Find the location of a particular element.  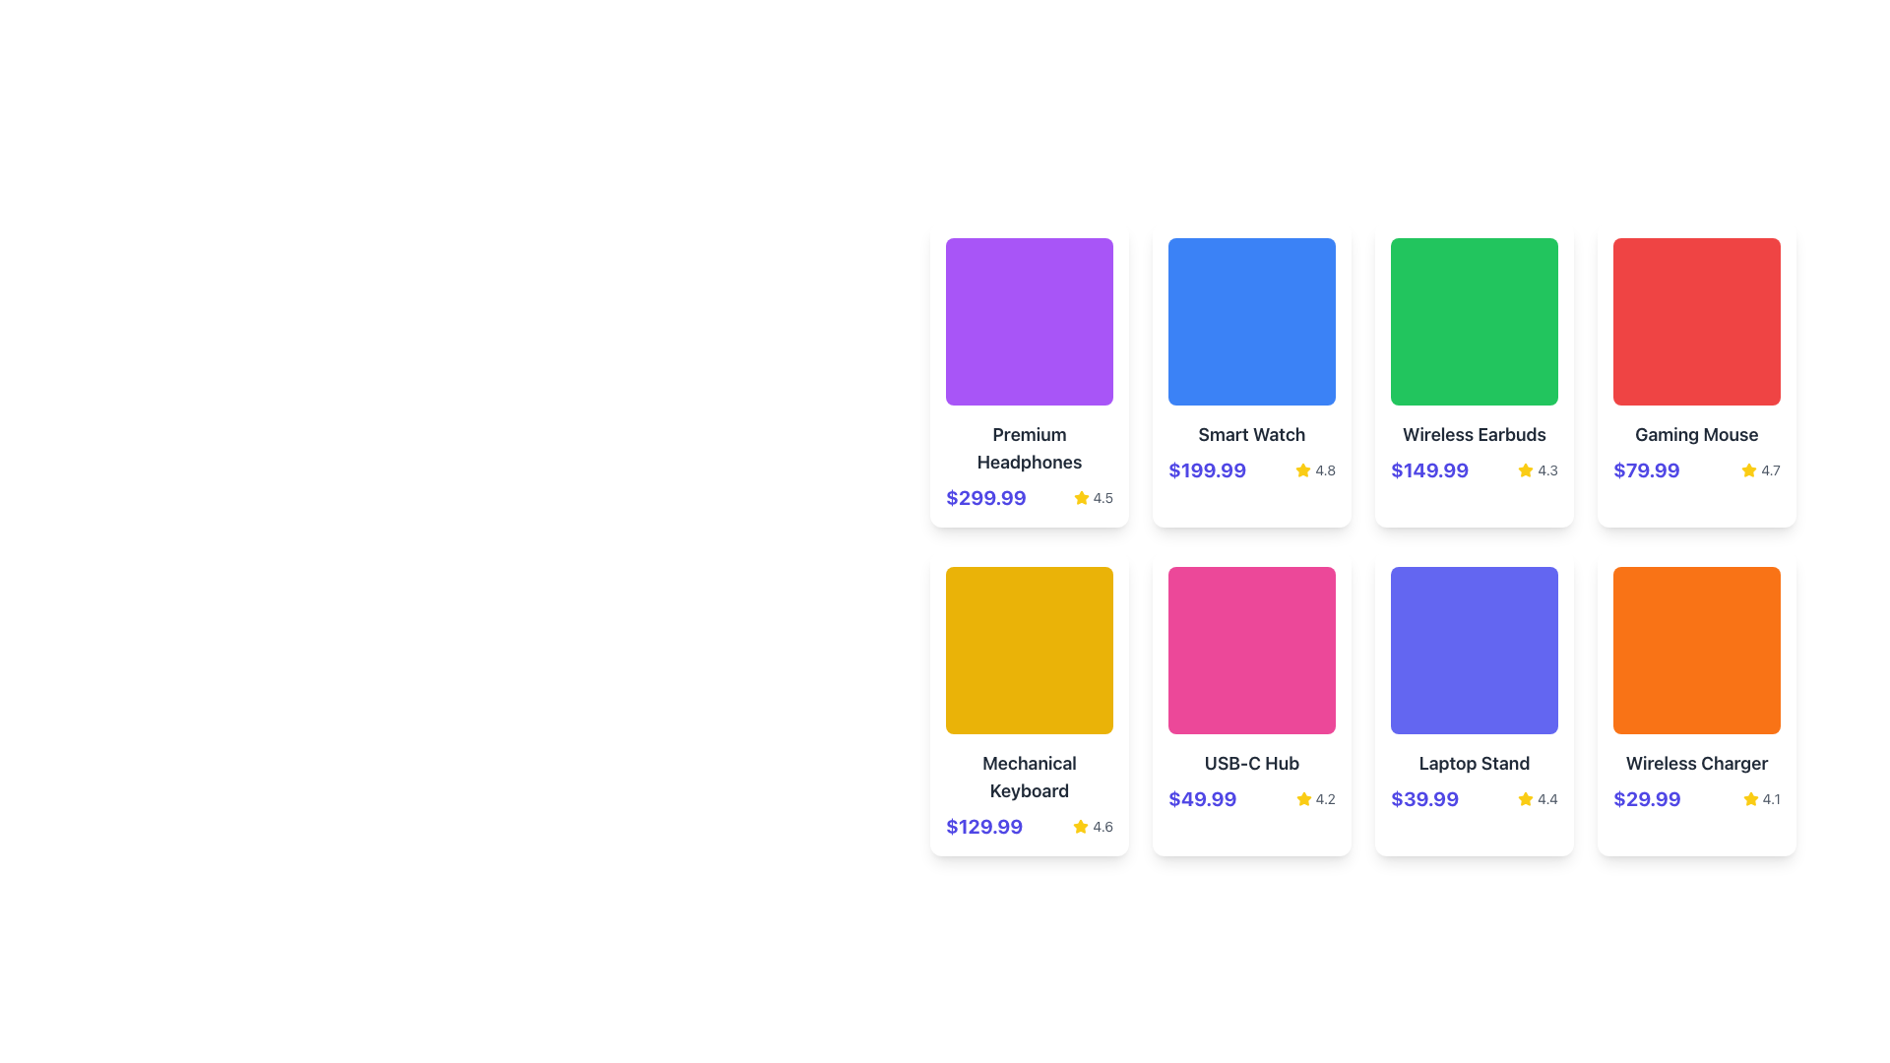

content displayed in the static text showing the price '$299.99', which is styled in a bold, extra-large indigo font and is part of the product card for 'Premium Headphones' is located at coordinates (985, 496).